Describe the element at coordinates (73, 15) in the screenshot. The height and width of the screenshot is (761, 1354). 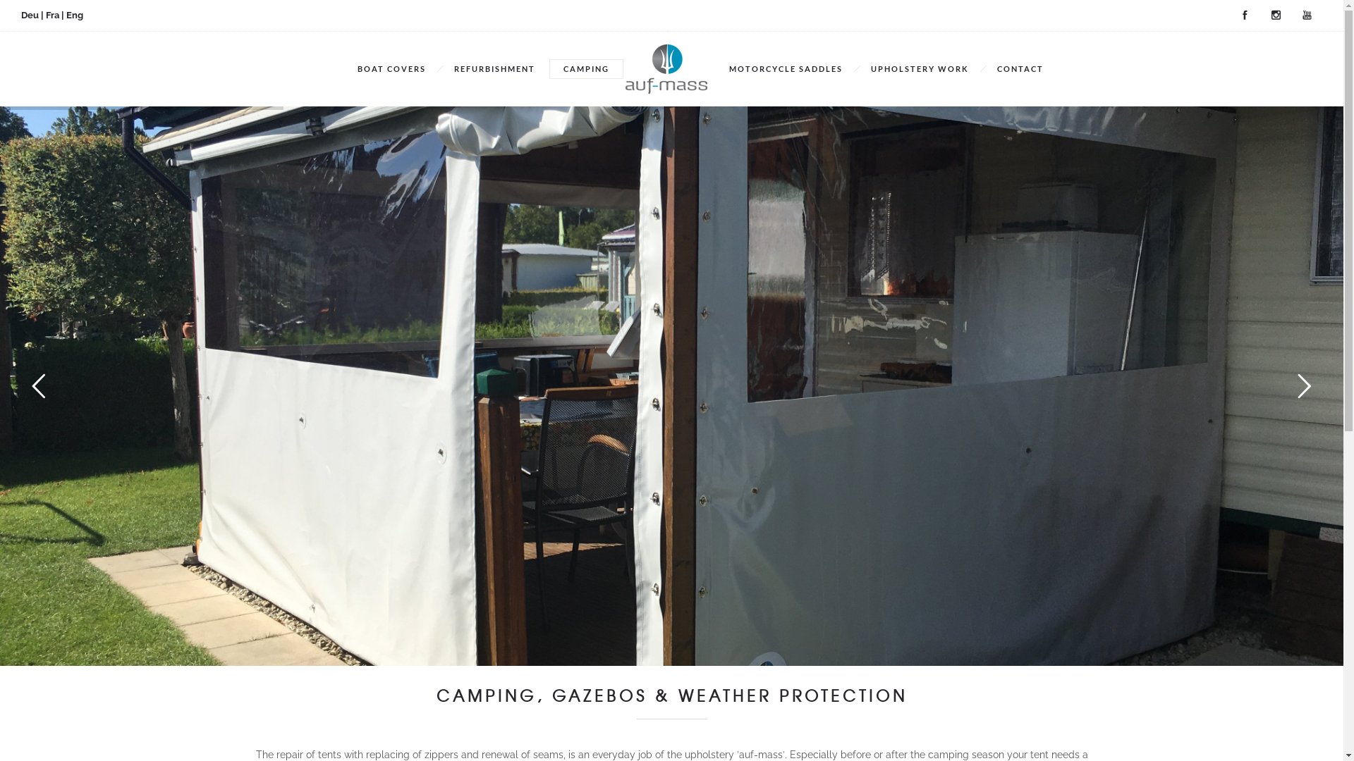
I see `'Eng'` at that location.